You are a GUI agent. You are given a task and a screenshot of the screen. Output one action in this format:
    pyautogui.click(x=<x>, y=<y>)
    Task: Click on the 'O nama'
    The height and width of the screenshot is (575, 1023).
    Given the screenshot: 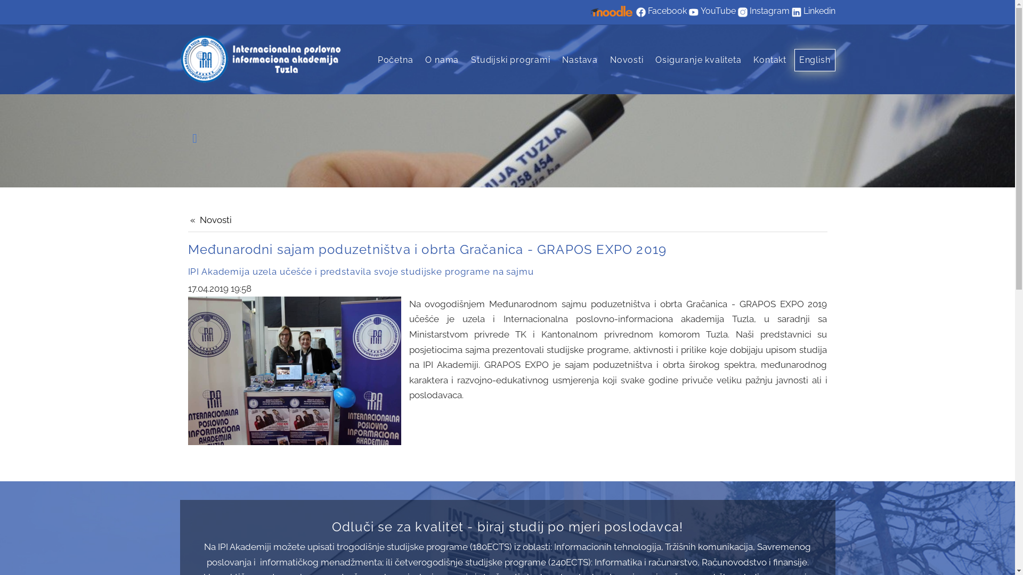 What is the action you would take?
    pyautogui.click(x=442, y=60)
    